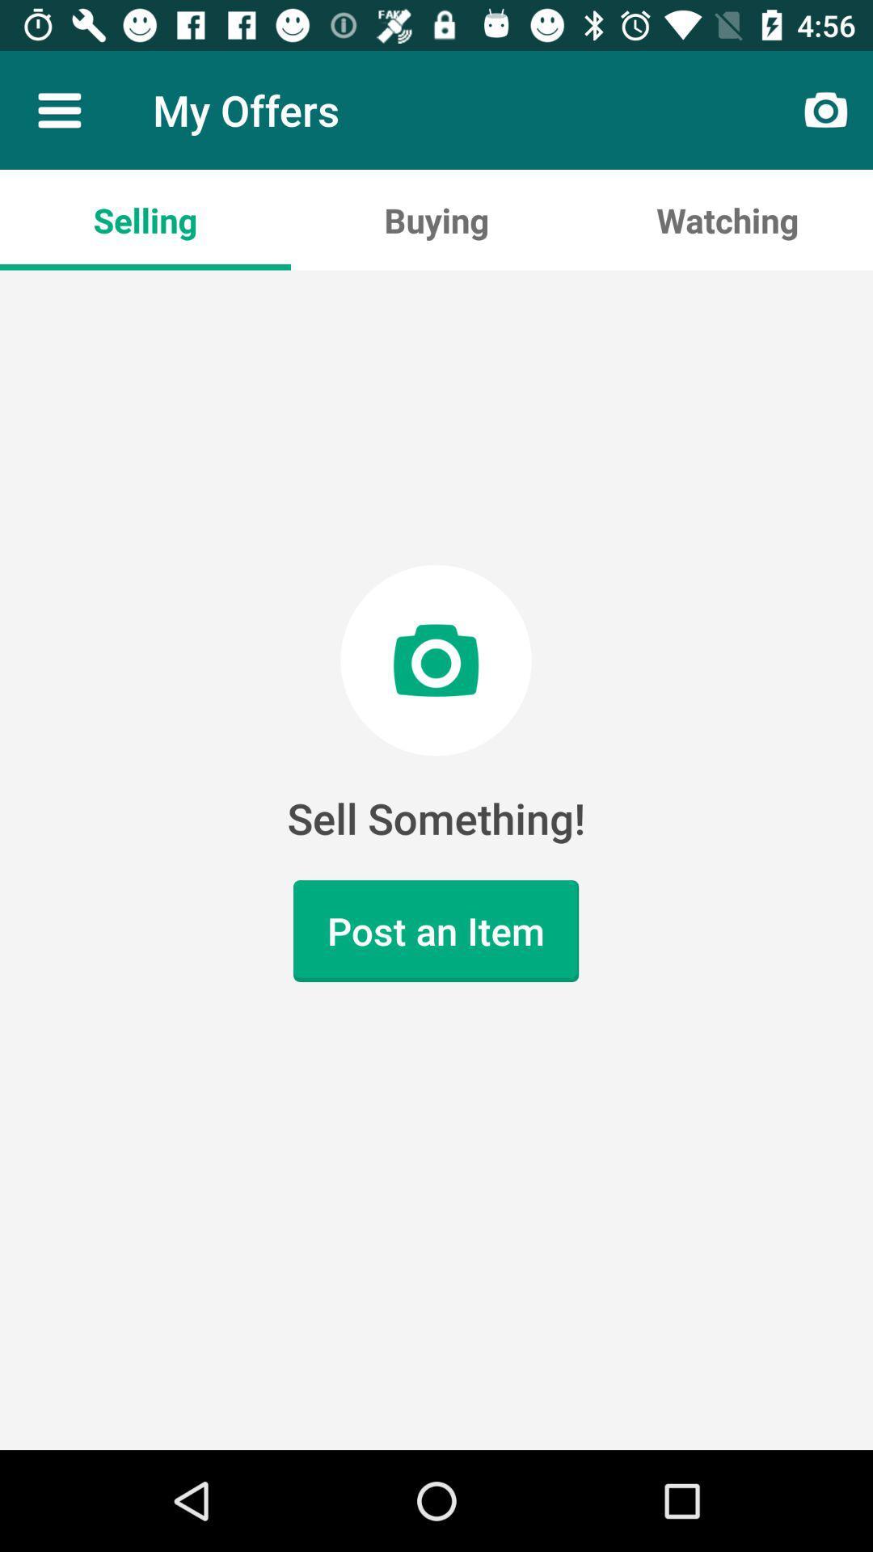 The width and height of the screenshot is (873, 1552). What do you see at coordinates (145, 219) in the screenshot?
I see `selling item` at bounding box center [145, 219].